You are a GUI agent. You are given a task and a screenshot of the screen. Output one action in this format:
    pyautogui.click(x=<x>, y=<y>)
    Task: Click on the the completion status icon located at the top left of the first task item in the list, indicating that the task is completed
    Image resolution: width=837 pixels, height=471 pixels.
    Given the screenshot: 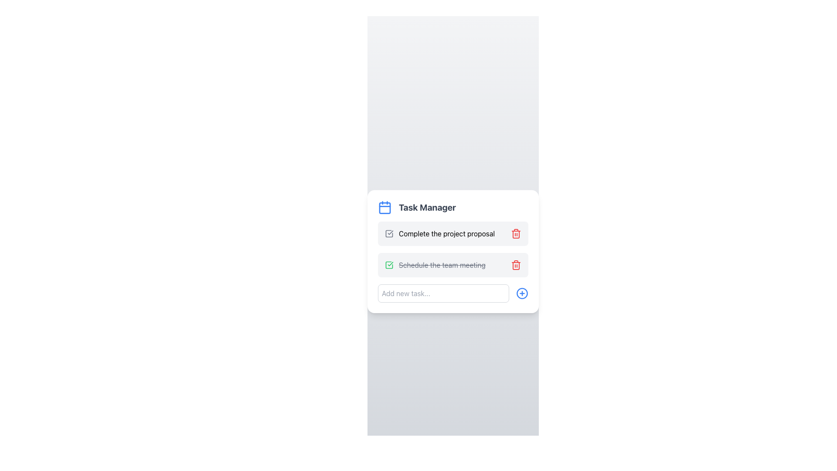 What is the action you would take?
    pyautogui.click(x=388, y=265)
    